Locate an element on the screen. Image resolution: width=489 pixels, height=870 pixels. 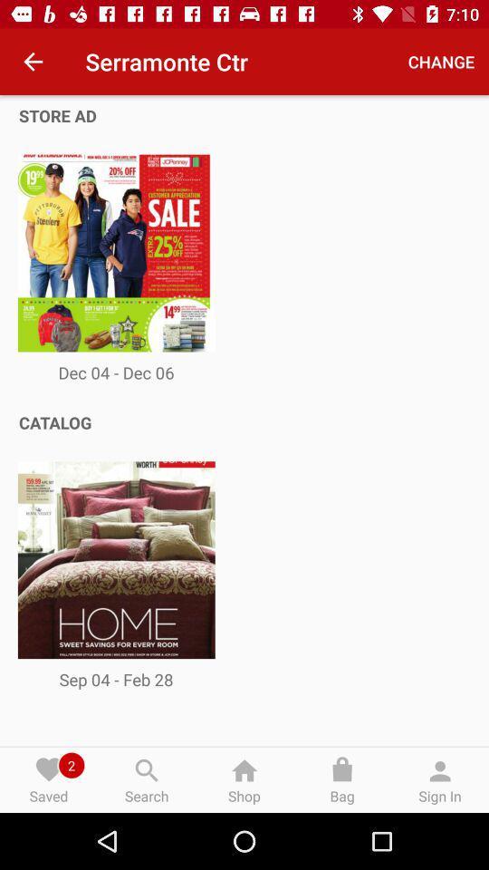
the button change at top right is located at coordinates (440, 62).